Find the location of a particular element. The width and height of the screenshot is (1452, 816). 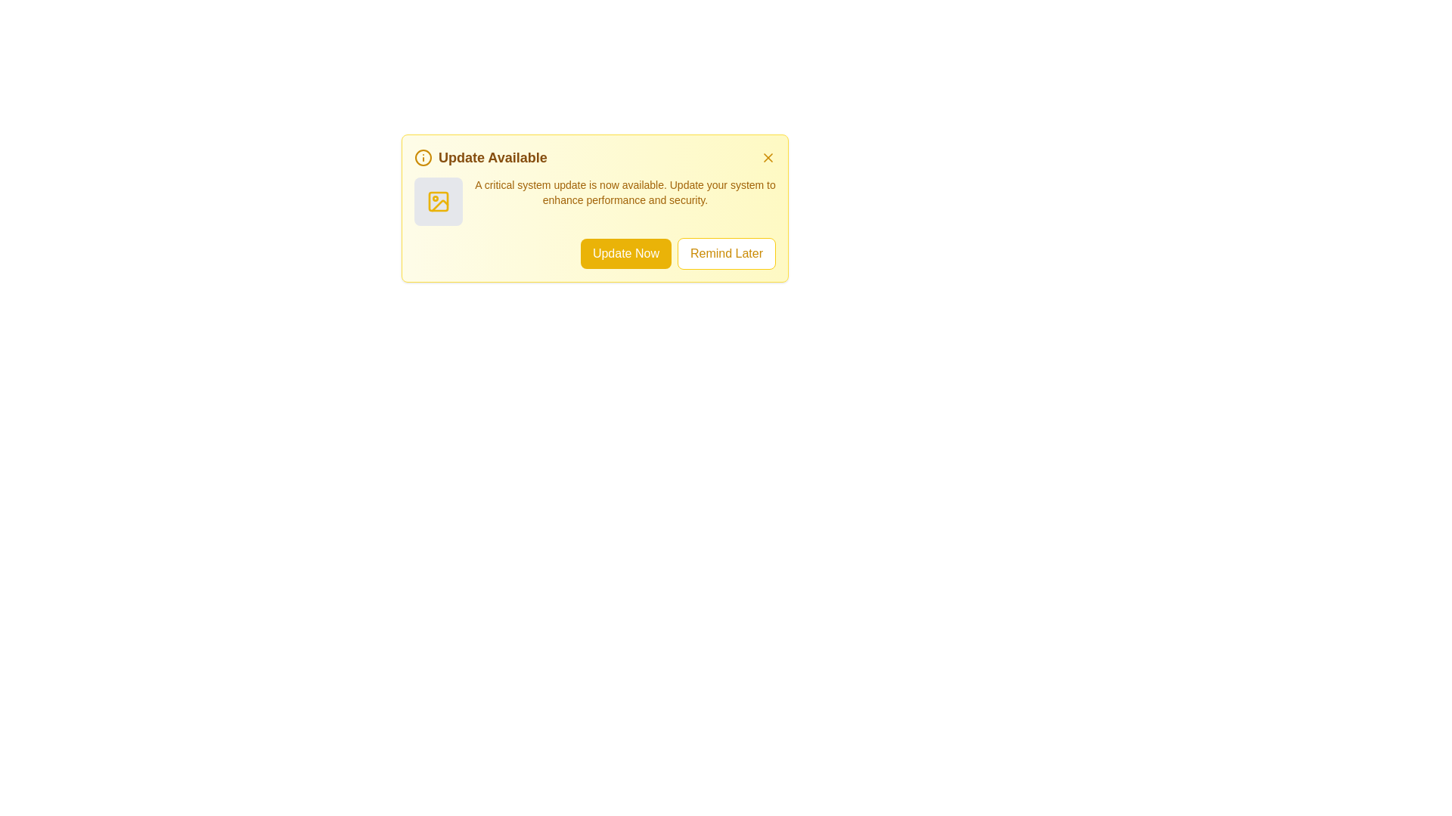

the 'Remind Later' button to schedule the update for later is located at coordinates (726, 252).